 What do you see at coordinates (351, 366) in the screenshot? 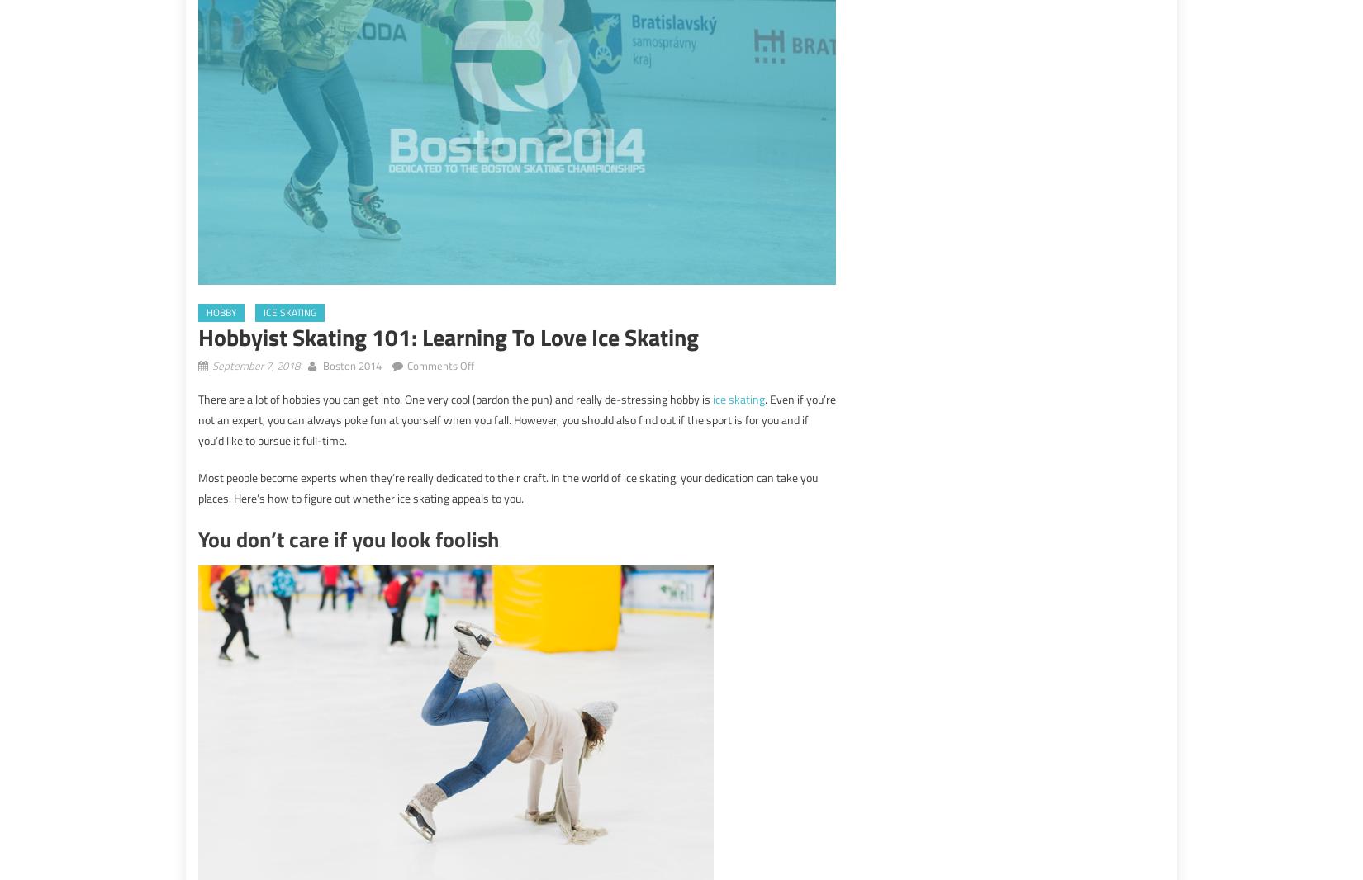
I see `'Boston 2014'` at bounding box center [351, 366].